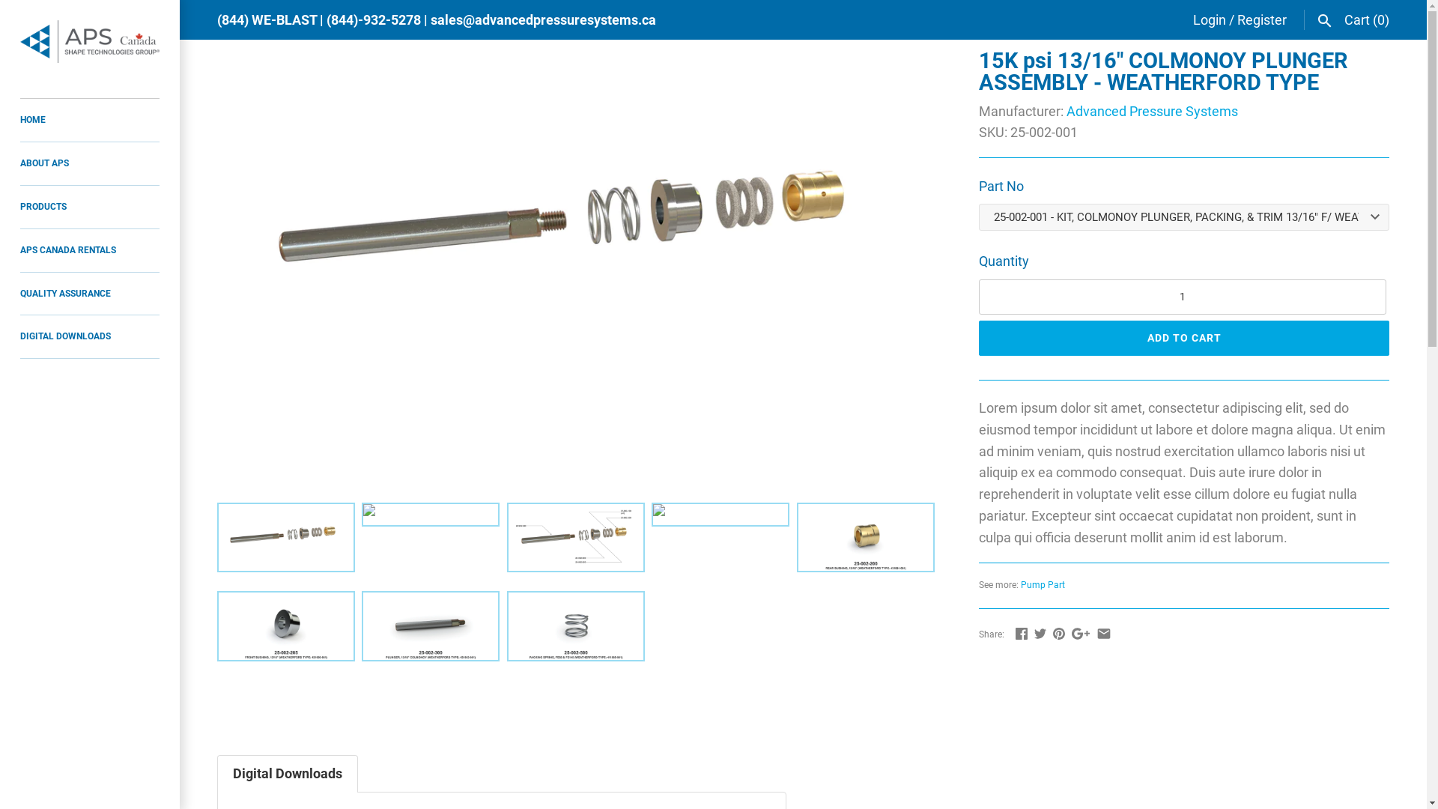 Image resolution: width=1438 pixels, height=809 pixels. Describe the element at coordinates (89, 294) in the screenshot. I see `'QUALITY ASSURANCE'` at that location.